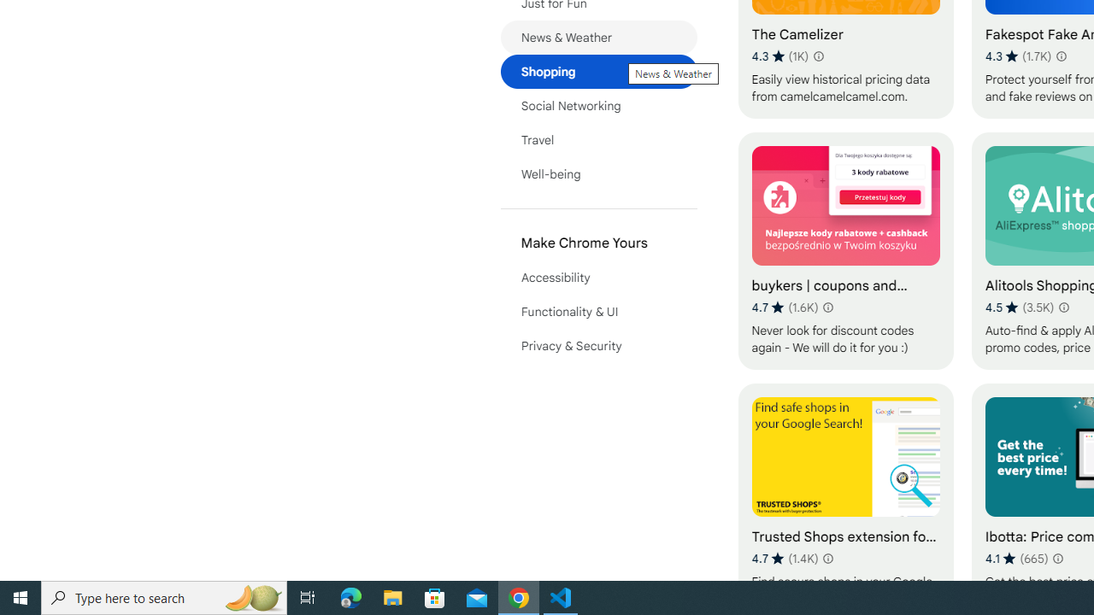 This screenshot has height=615, width=1094. I want to click on 'buykers | coupons and discount codes', so click(845, 250).